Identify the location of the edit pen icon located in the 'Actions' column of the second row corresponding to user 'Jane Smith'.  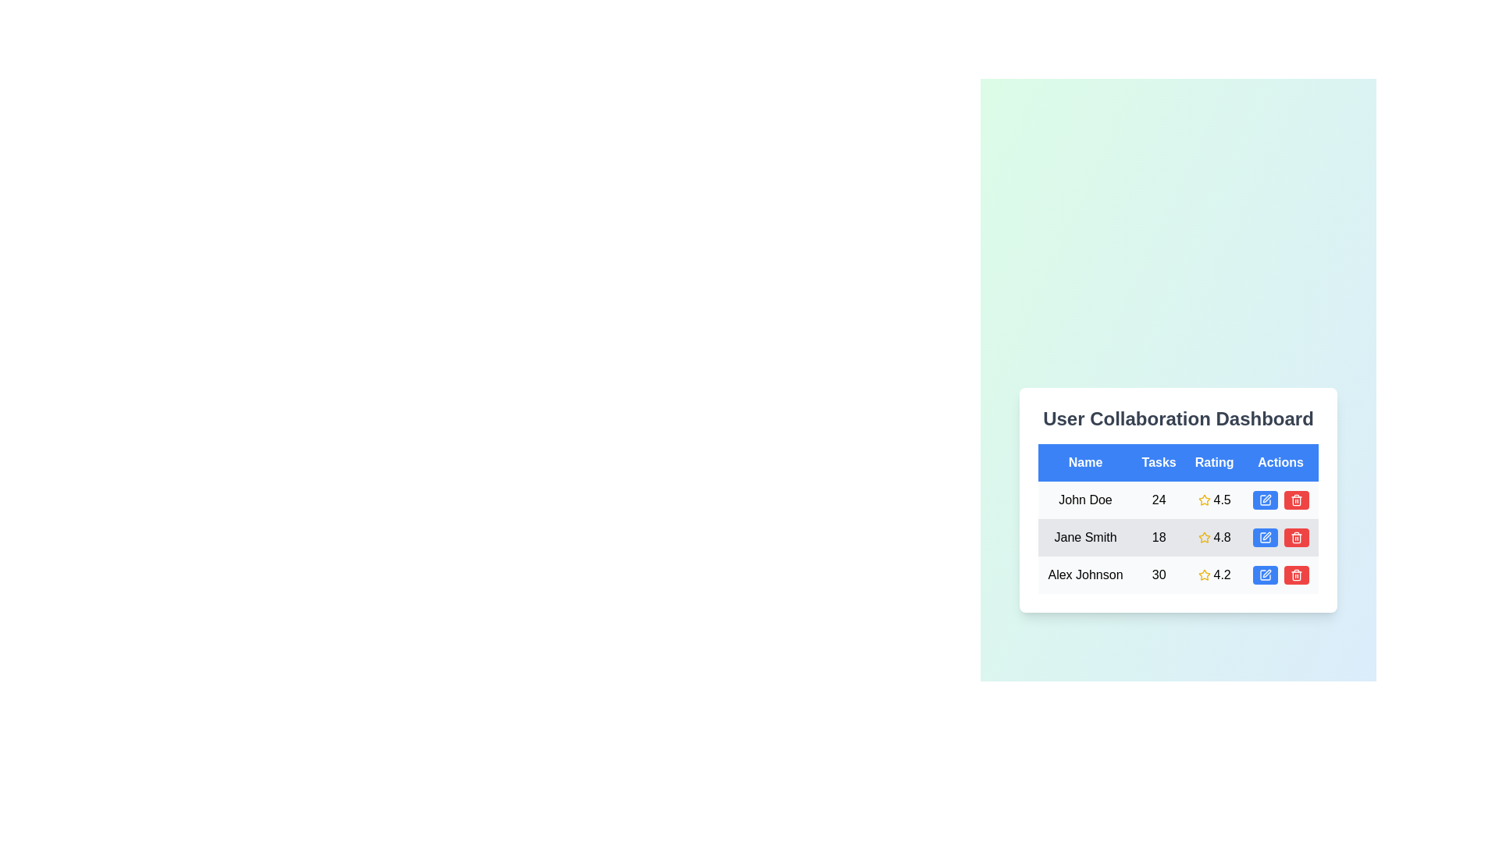
(1266, 535).